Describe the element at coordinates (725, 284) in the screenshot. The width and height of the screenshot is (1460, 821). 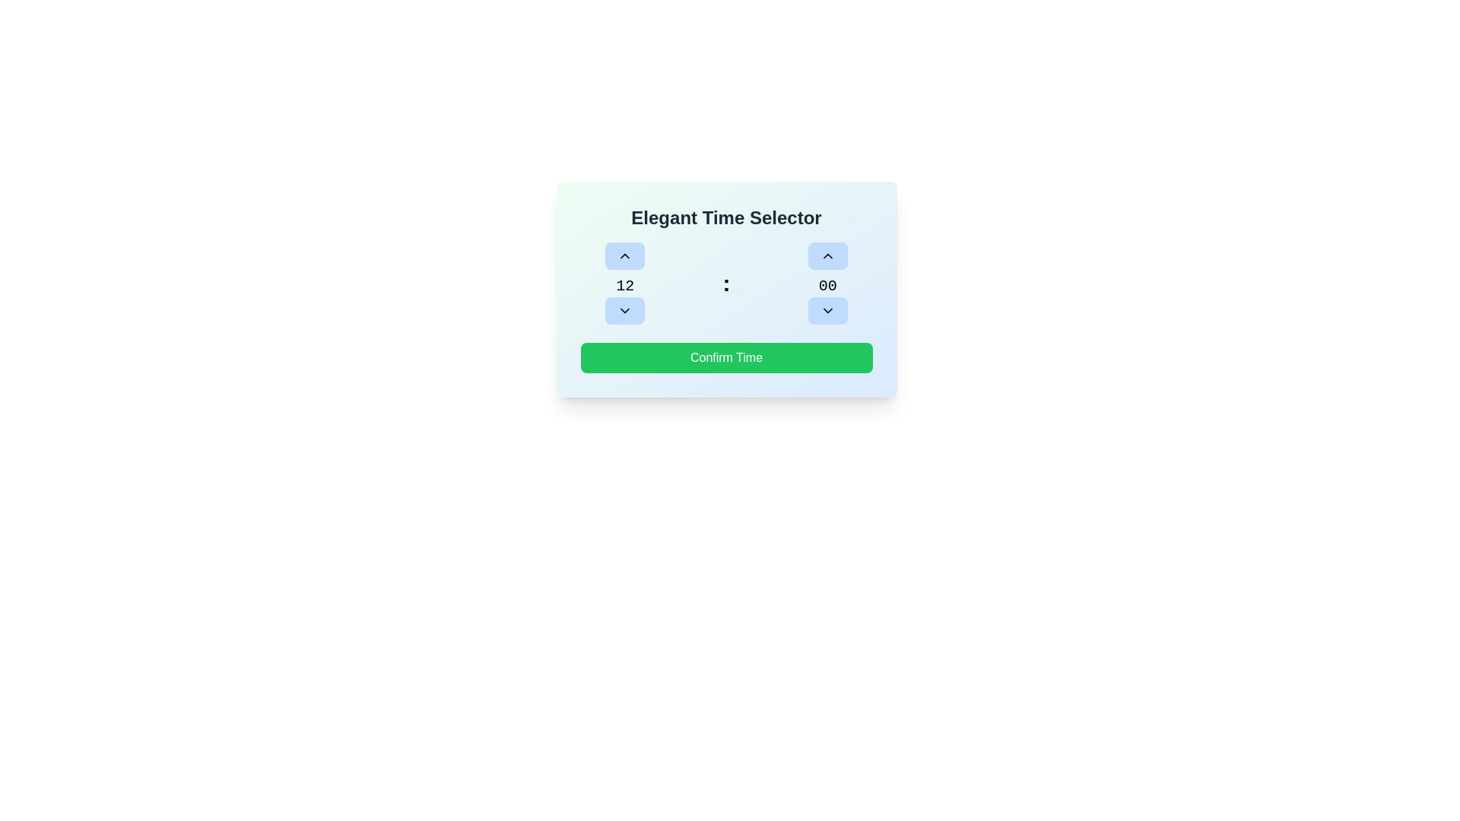
I see `the visual separator text label located between the hour '12' and minute '00' in the time selector interface` at that location.